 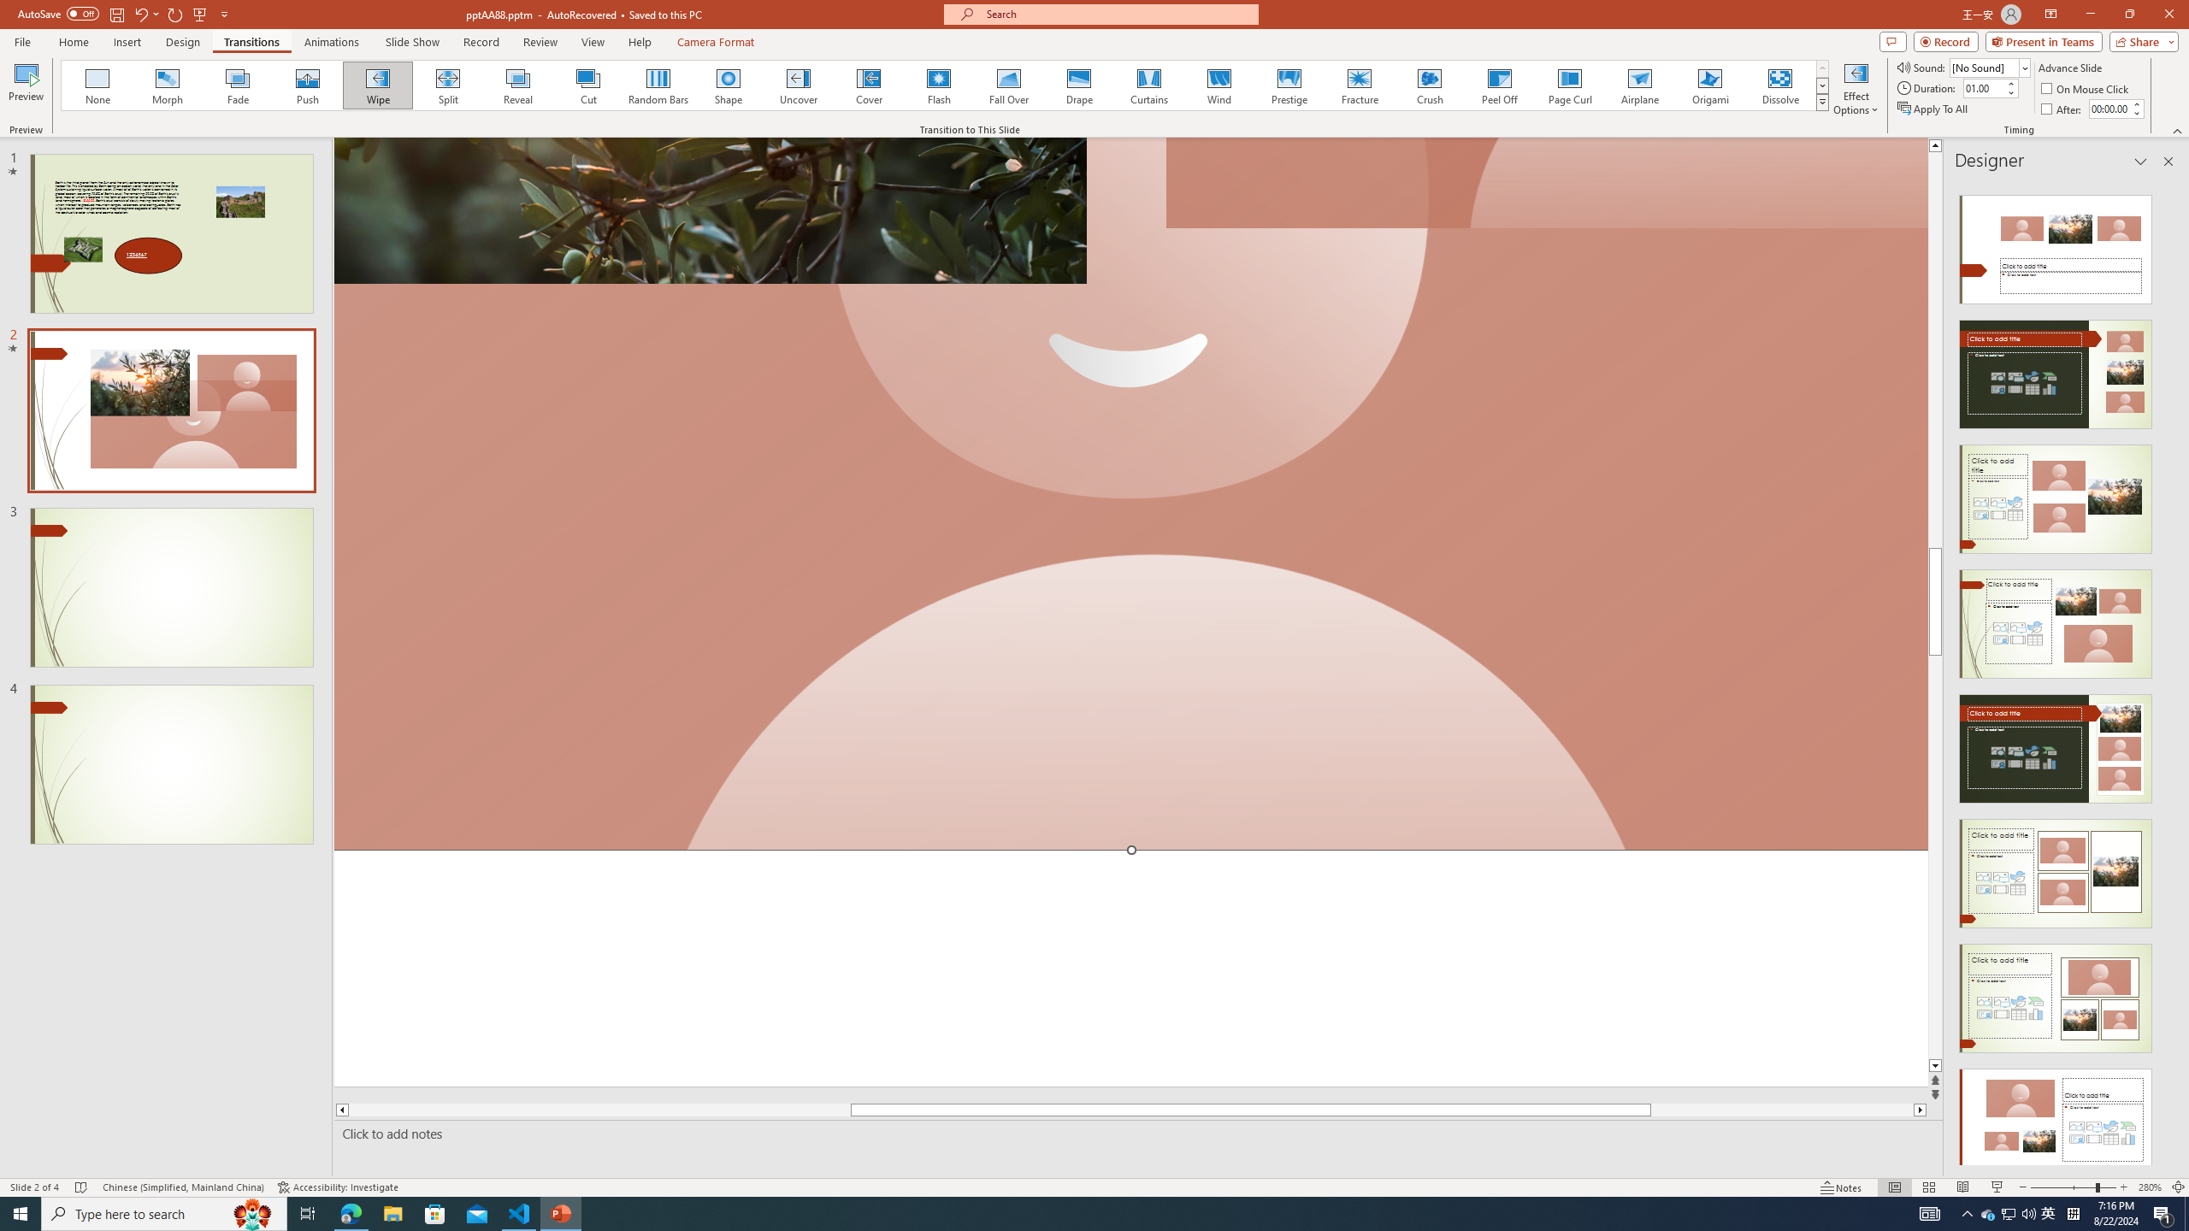 I want to click on 'Preview', so click(x=25, y=88).